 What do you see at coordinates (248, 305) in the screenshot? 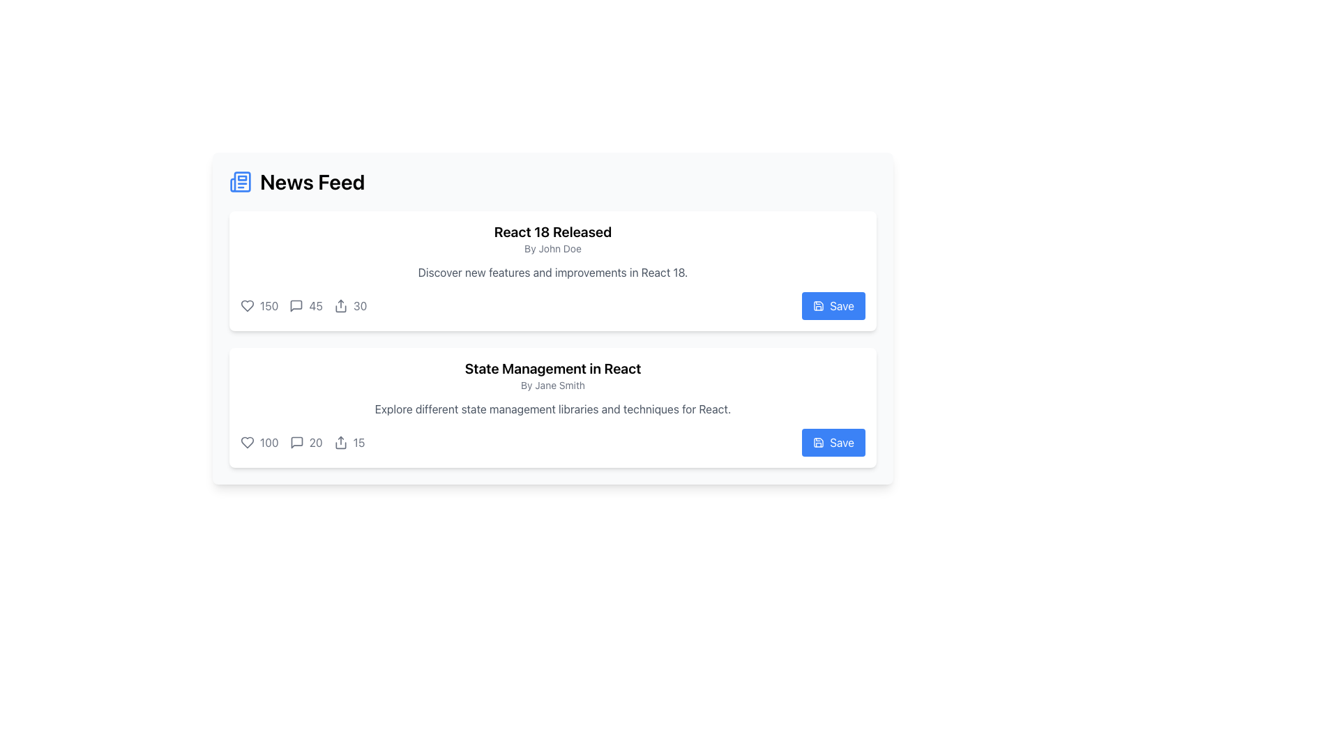
I see `the heart icon located at the bottom-left corner of the card labeled 'React 18 Released', which represents a 'like' action and has a counter value of '150'` at bounding box center [248, 305].